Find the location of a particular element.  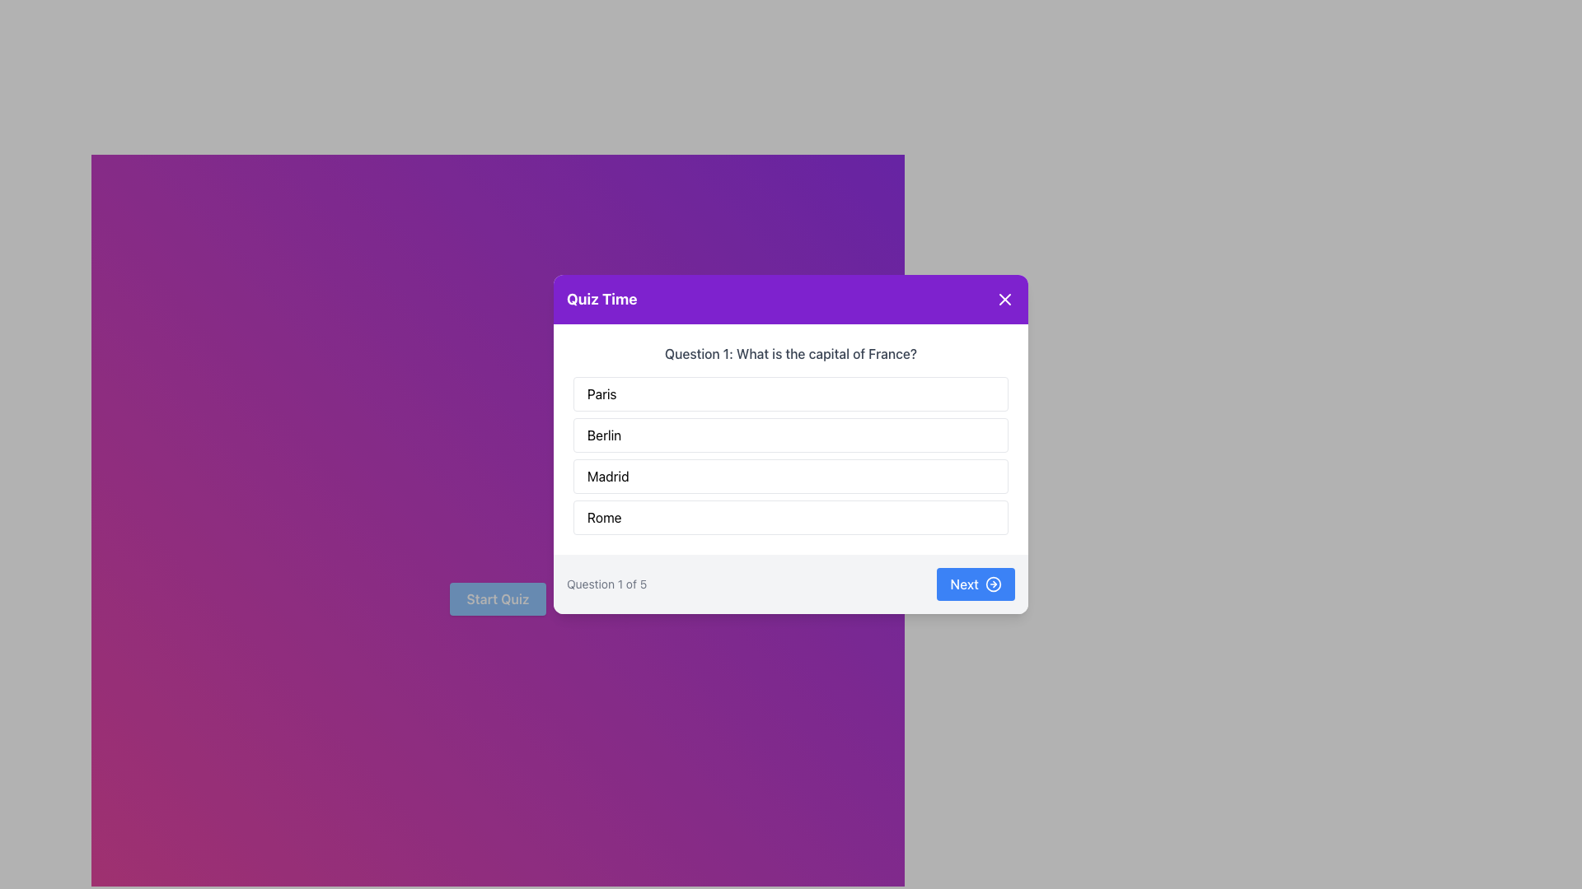

the close icon styled as a white 'X' within a purple circular button located in the upper-right corner of the 'Quiz Time' dialog is located at coordinates (1004, 299).